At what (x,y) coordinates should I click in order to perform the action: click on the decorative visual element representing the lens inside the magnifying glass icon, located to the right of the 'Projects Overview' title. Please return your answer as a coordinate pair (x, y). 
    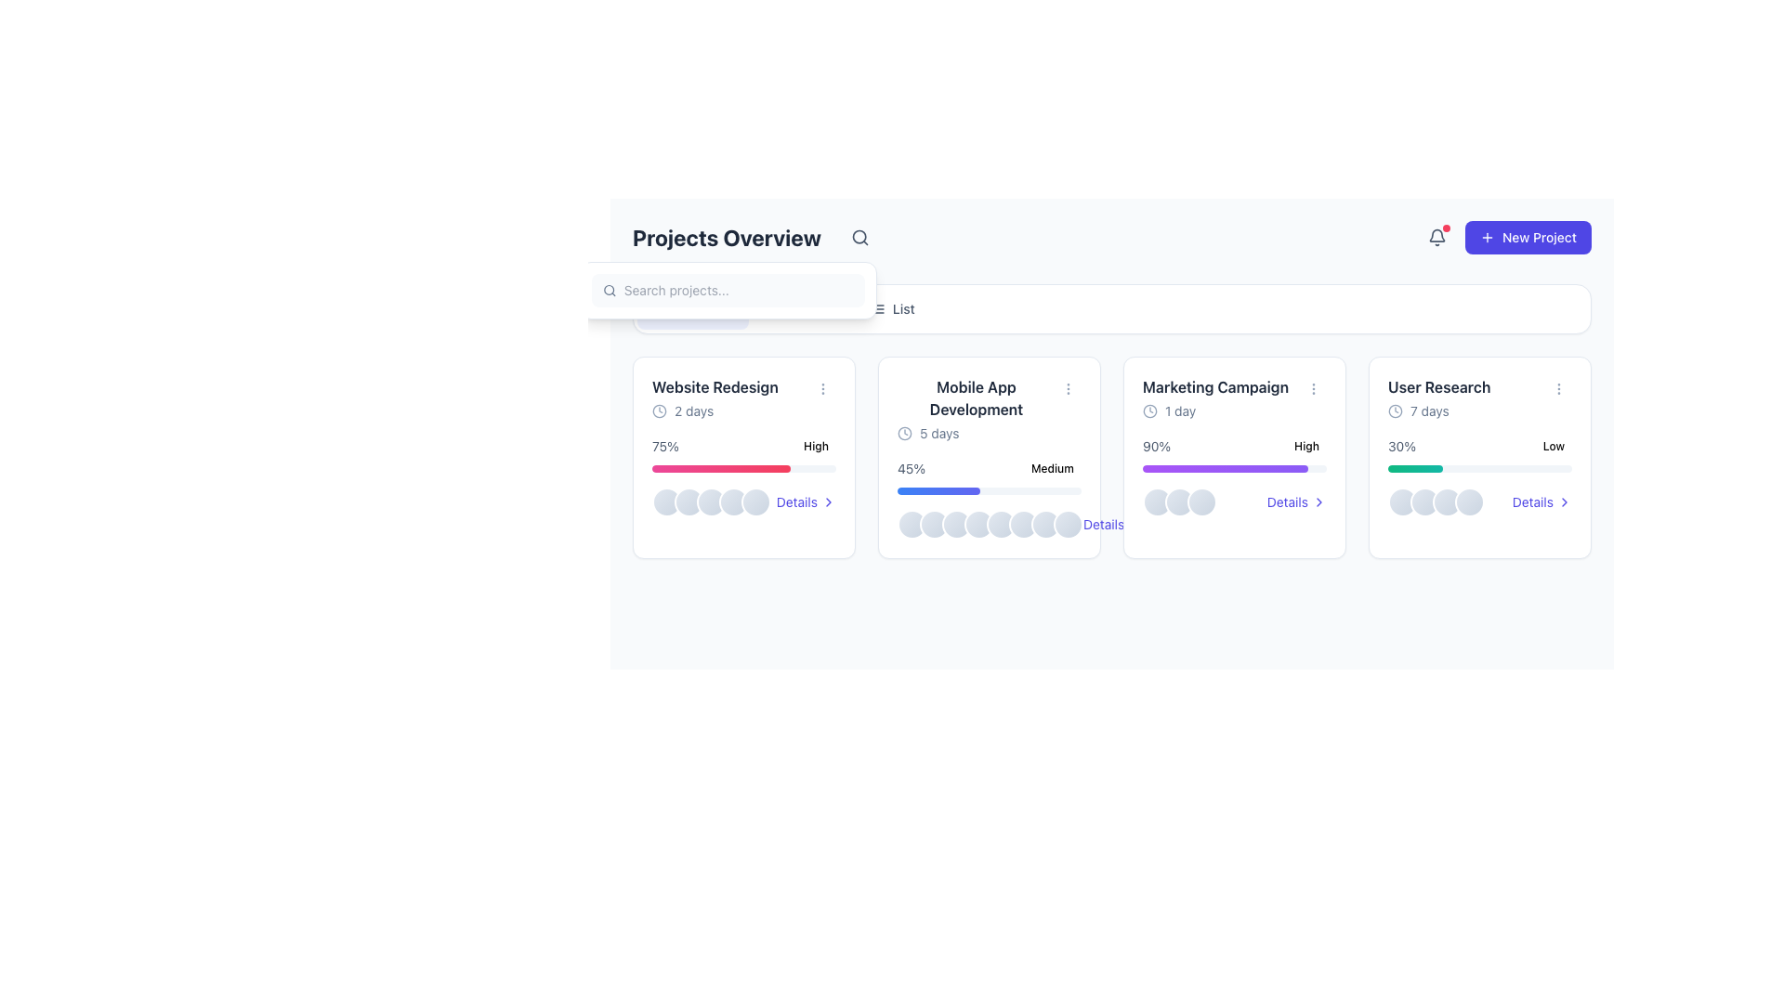
    Looking at the image, I should click on (859, 236).